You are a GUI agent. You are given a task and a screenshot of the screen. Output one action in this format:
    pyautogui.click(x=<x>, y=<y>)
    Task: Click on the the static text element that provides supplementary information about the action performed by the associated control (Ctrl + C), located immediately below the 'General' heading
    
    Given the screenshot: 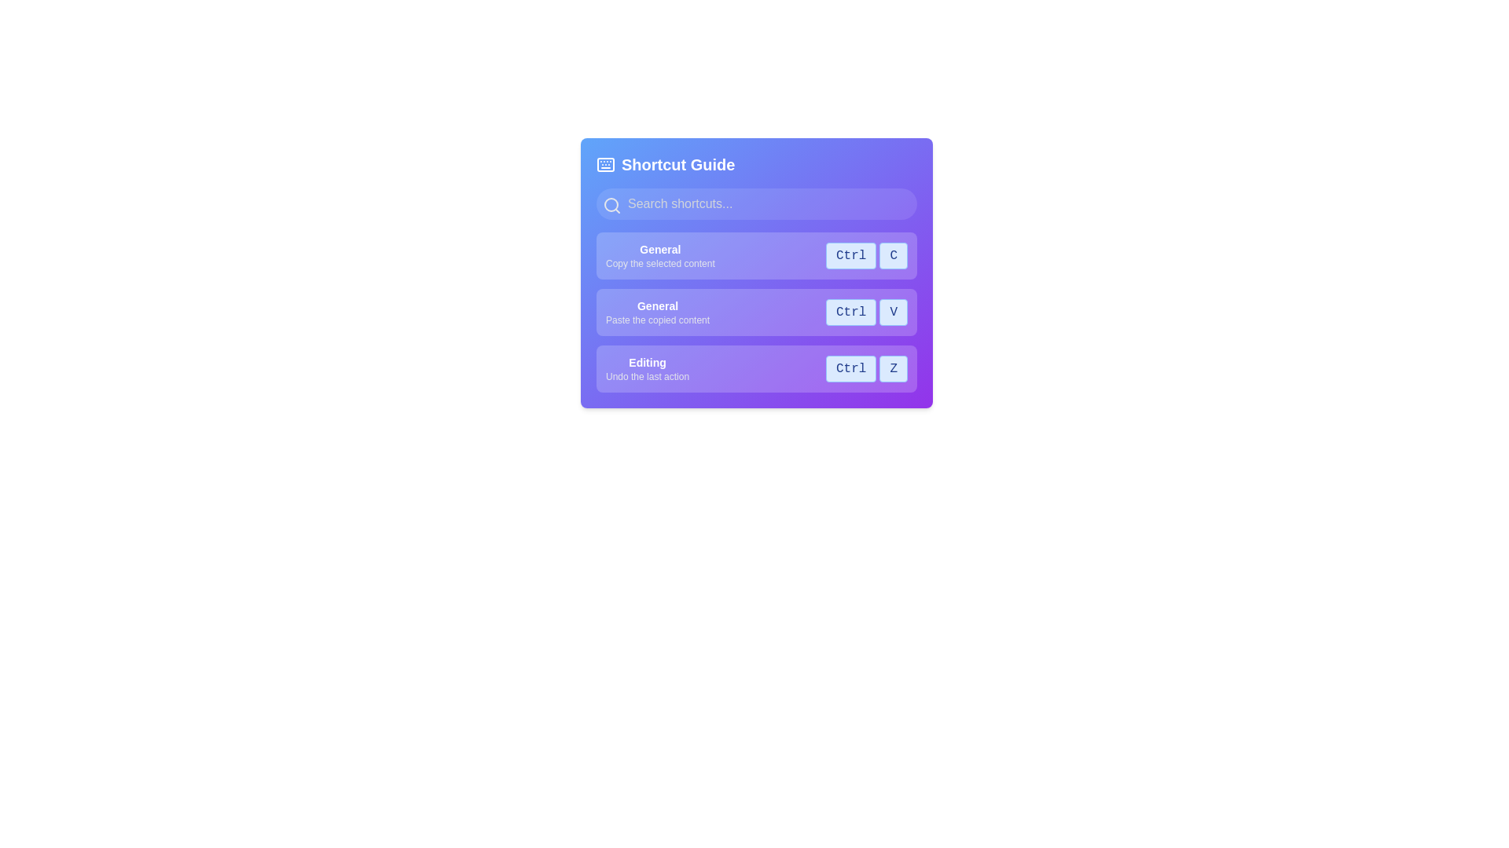 What is the action you would take?
    pyautogui.click(x=660, y=262)
    